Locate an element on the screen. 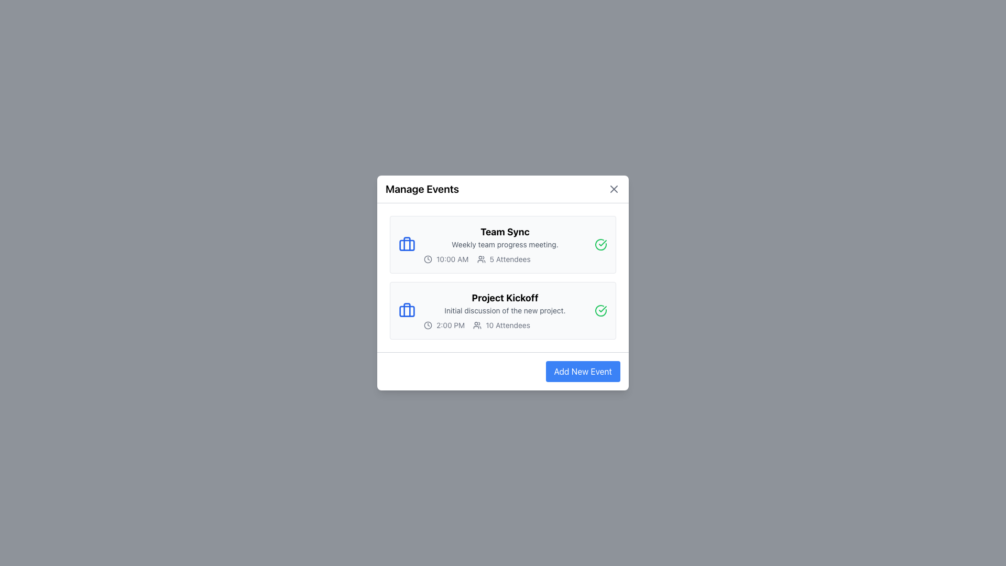 Image resolution: width=1006 pixels, height=566 pixels. the second item in the 'Manage Events' popup list, which contains detailed information about a scheduled event, located between 'Team Sync' and 'Add New Event' is located at coordinates (505, 310).